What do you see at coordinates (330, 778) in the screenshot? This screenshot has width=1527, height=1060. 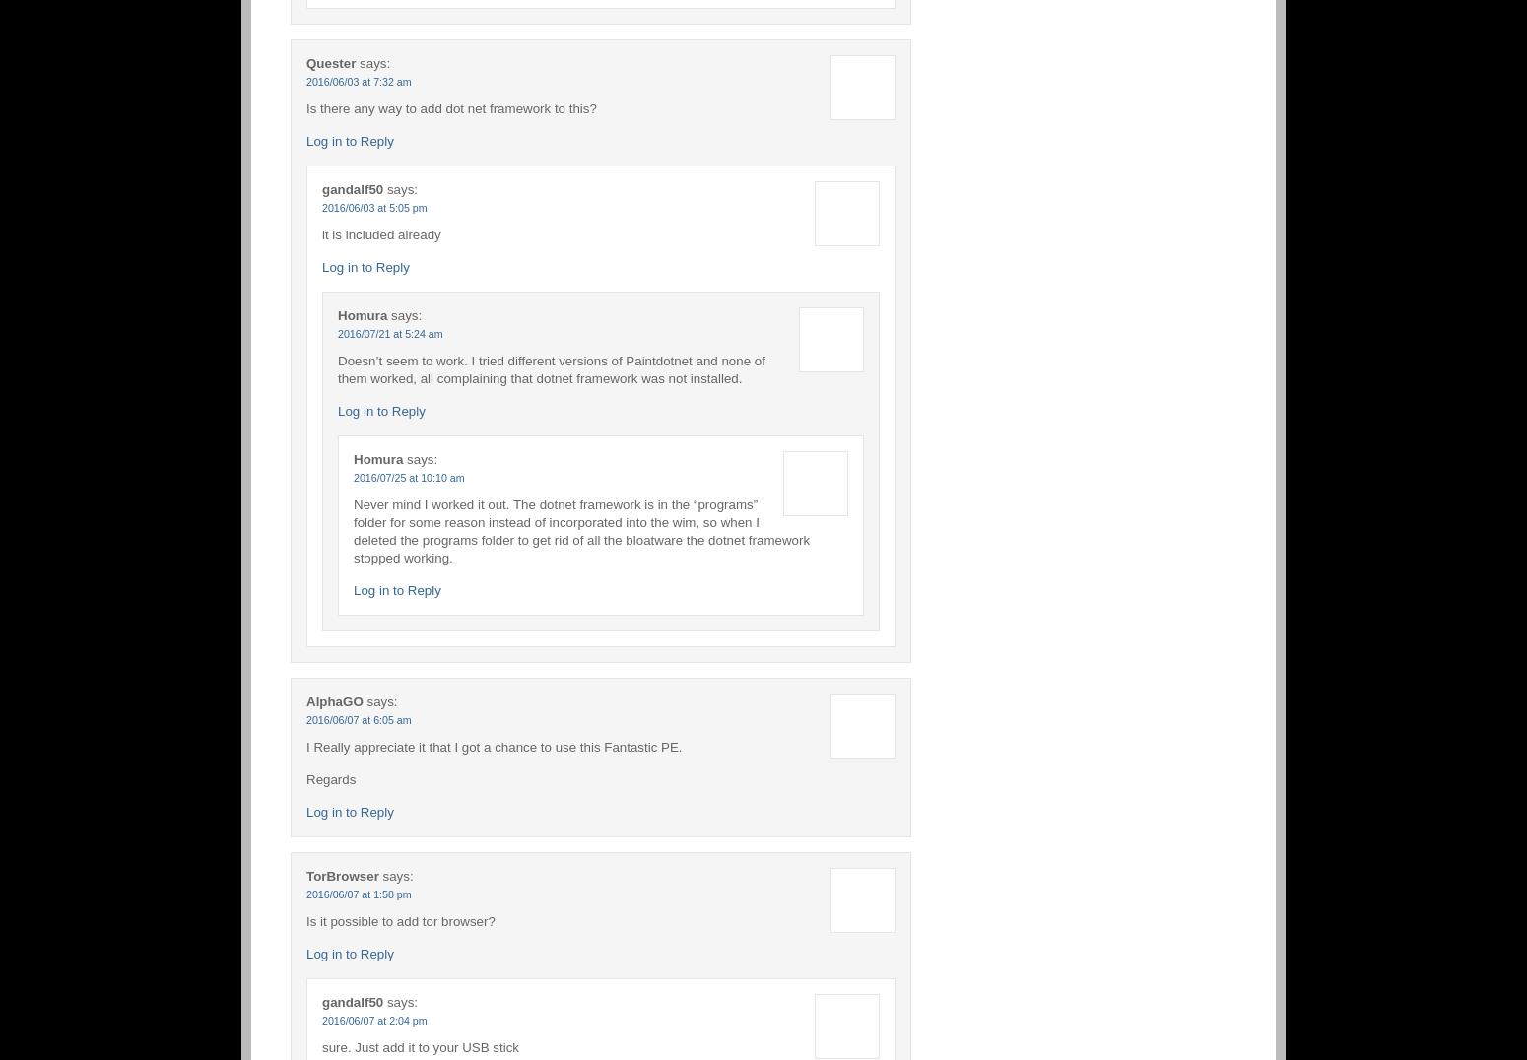 I see `'Regards'` at bounding box center [330, 778].